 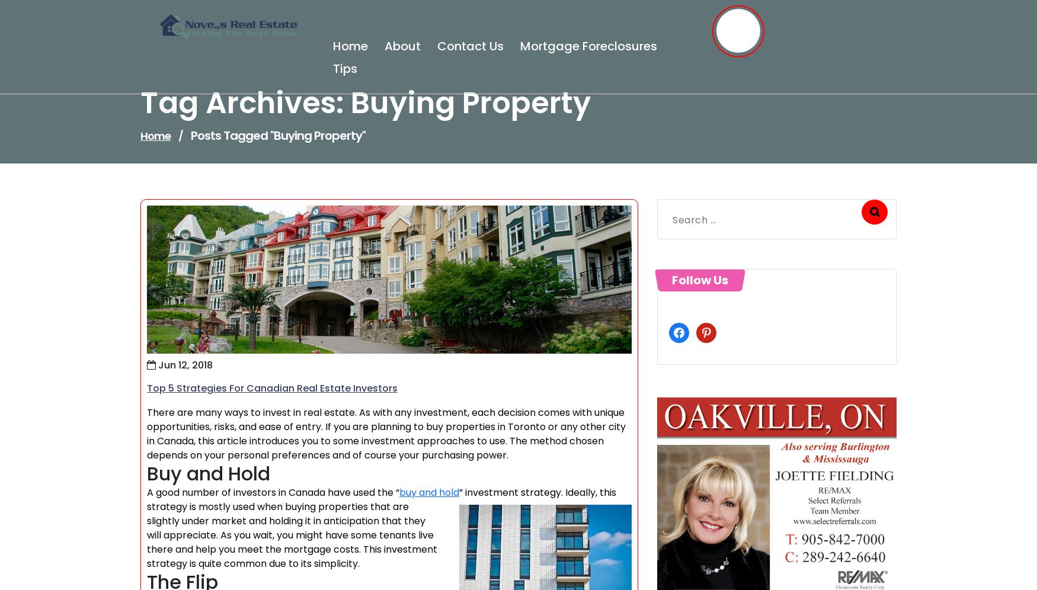 I want to click on 'The services of a realtor are essential when it comes to finding the best real estate deals. If you are not conversant with the rules and nature of the Canadian real estate market, it is imperative to walk with someone who understands the intricacies of this market. If you need to do this while overseas, you need a realtor who is known to help absentee clients find the right deals.', so click(x=388, y=474).